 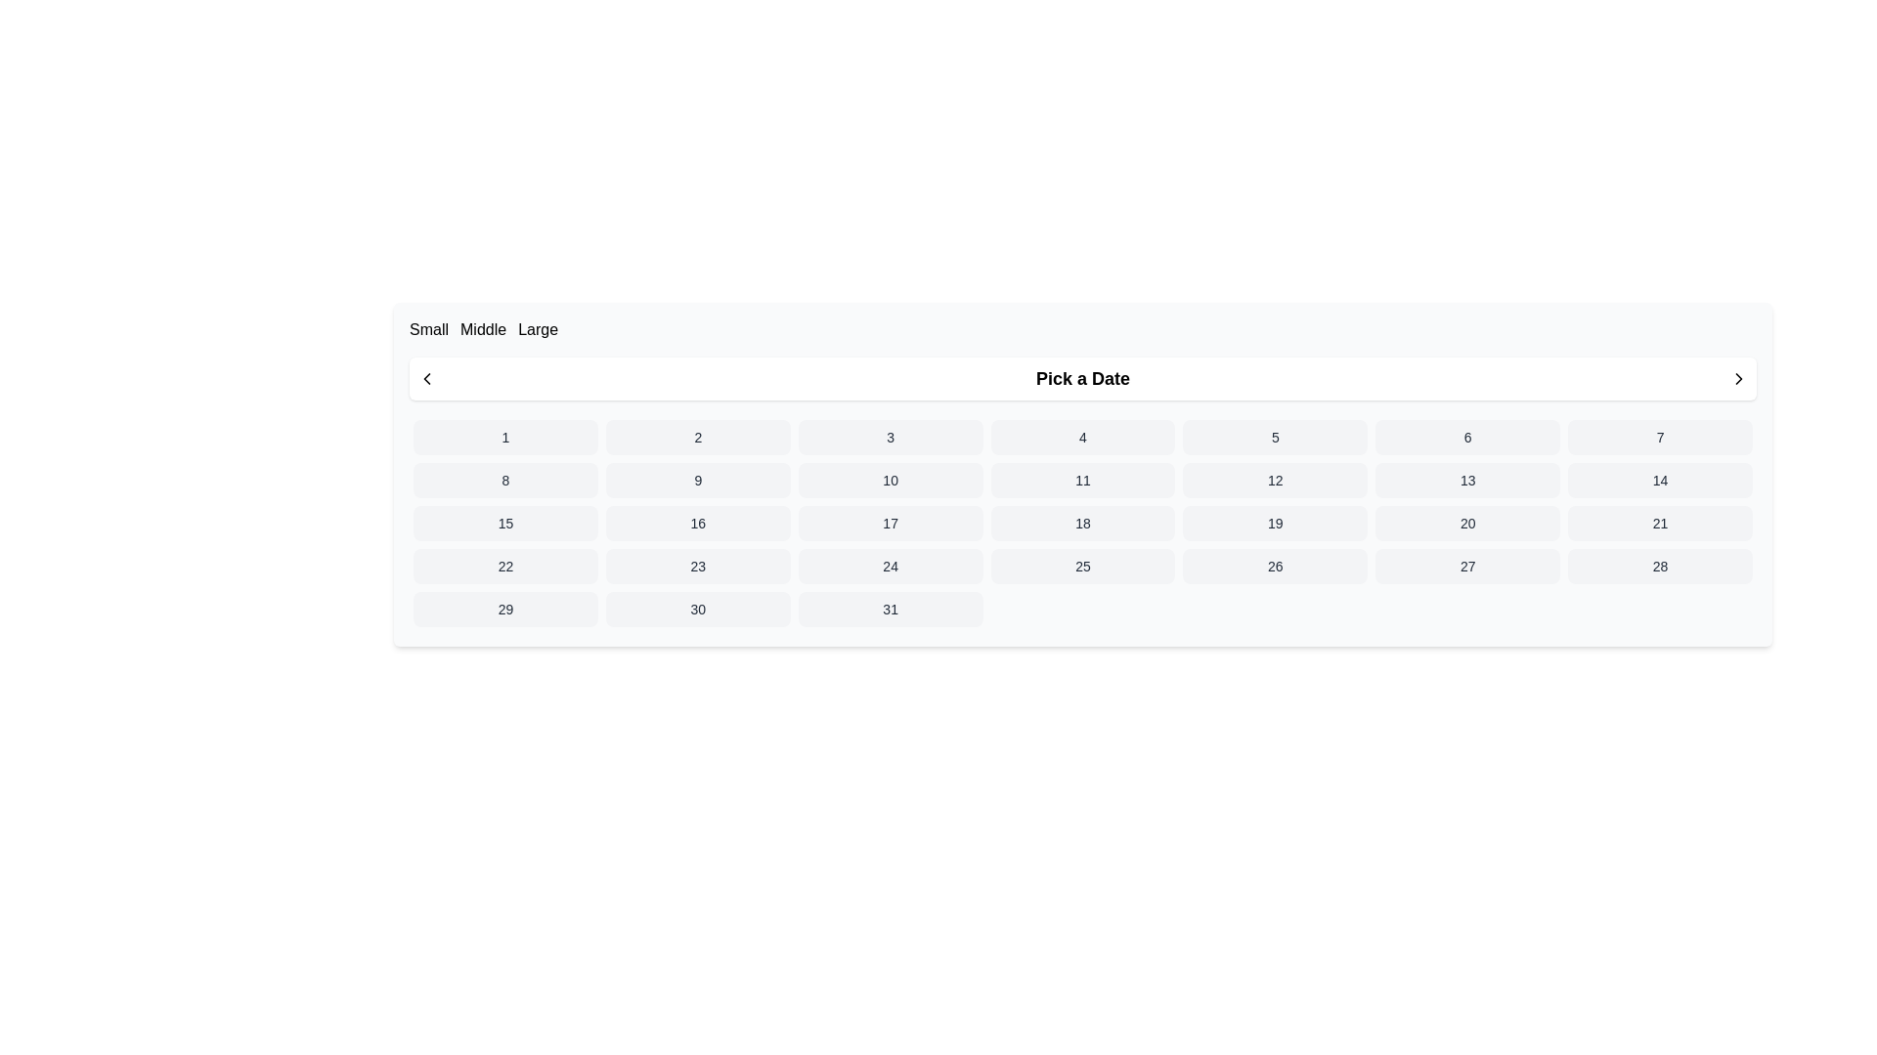 I want to click on the button labeled '24' in the fifth row, third column of the date picker interface for keyboard navigation, so click(x=890, y=566).